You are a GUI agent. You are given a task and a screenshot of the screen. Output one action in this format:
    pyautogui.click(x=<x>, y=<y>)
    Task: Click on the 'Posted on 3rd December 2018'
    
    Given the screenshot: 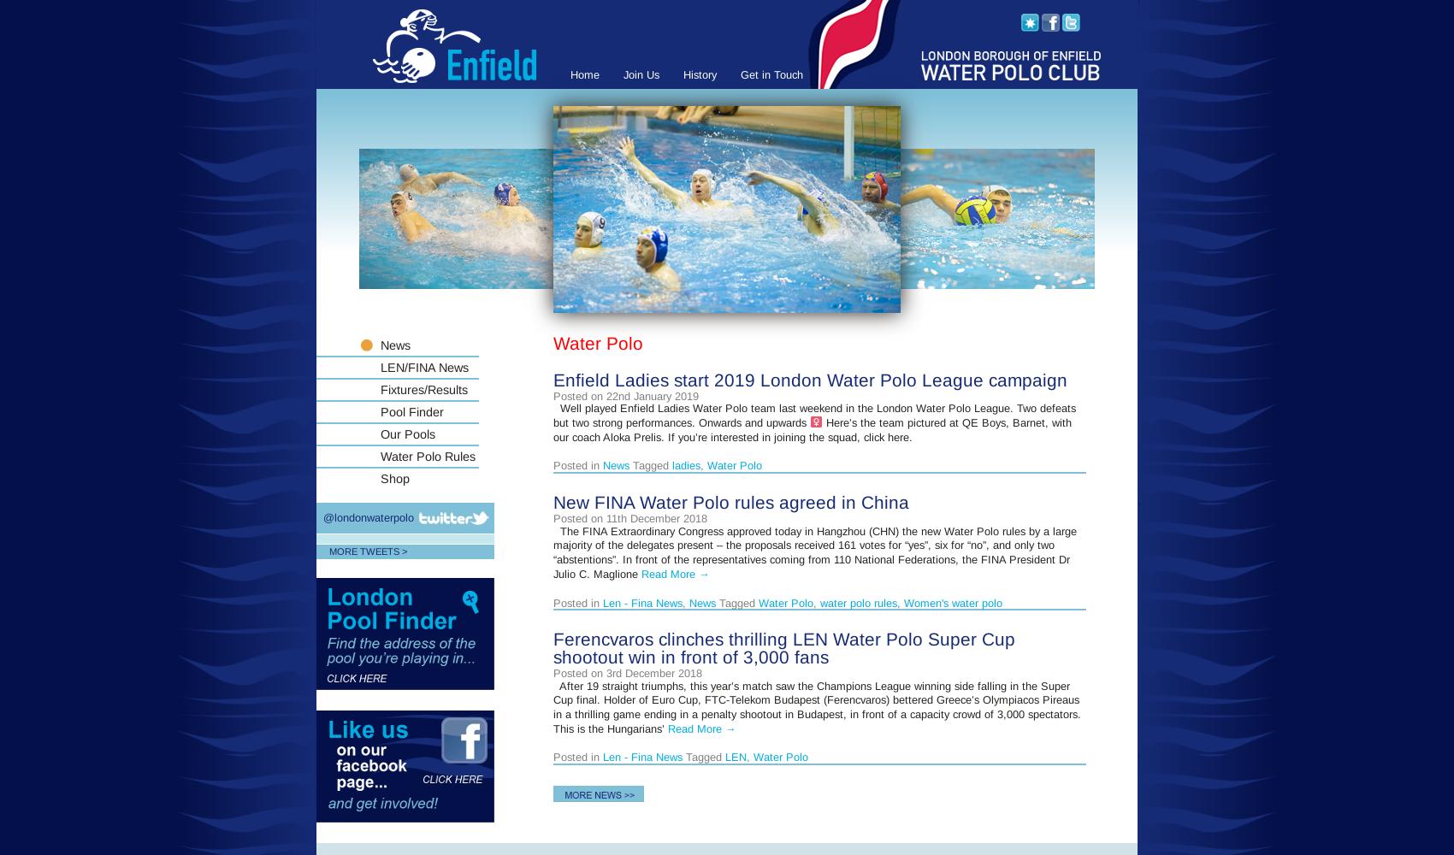 What is the action you would take?
    pyautogui.click(x=553, y=672)
    